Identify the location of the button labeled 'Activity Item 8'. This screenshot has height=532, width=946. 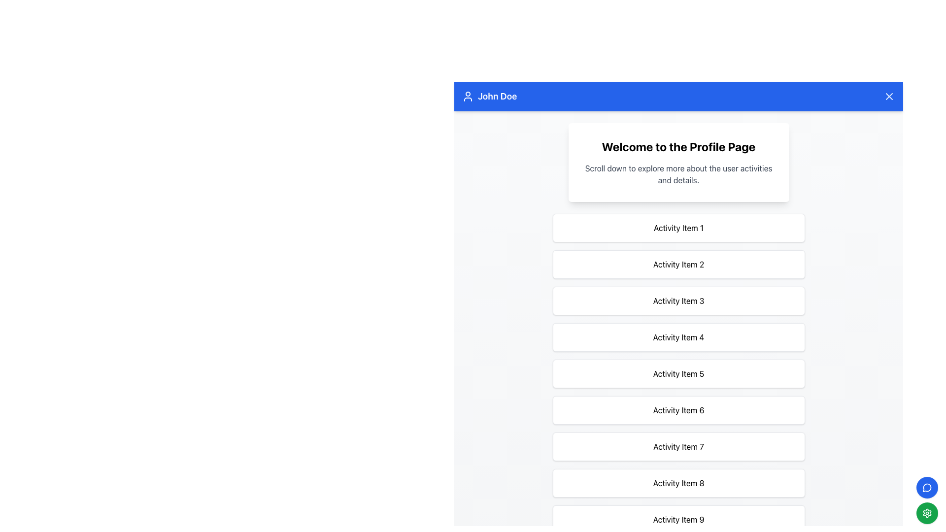
(678, 482).